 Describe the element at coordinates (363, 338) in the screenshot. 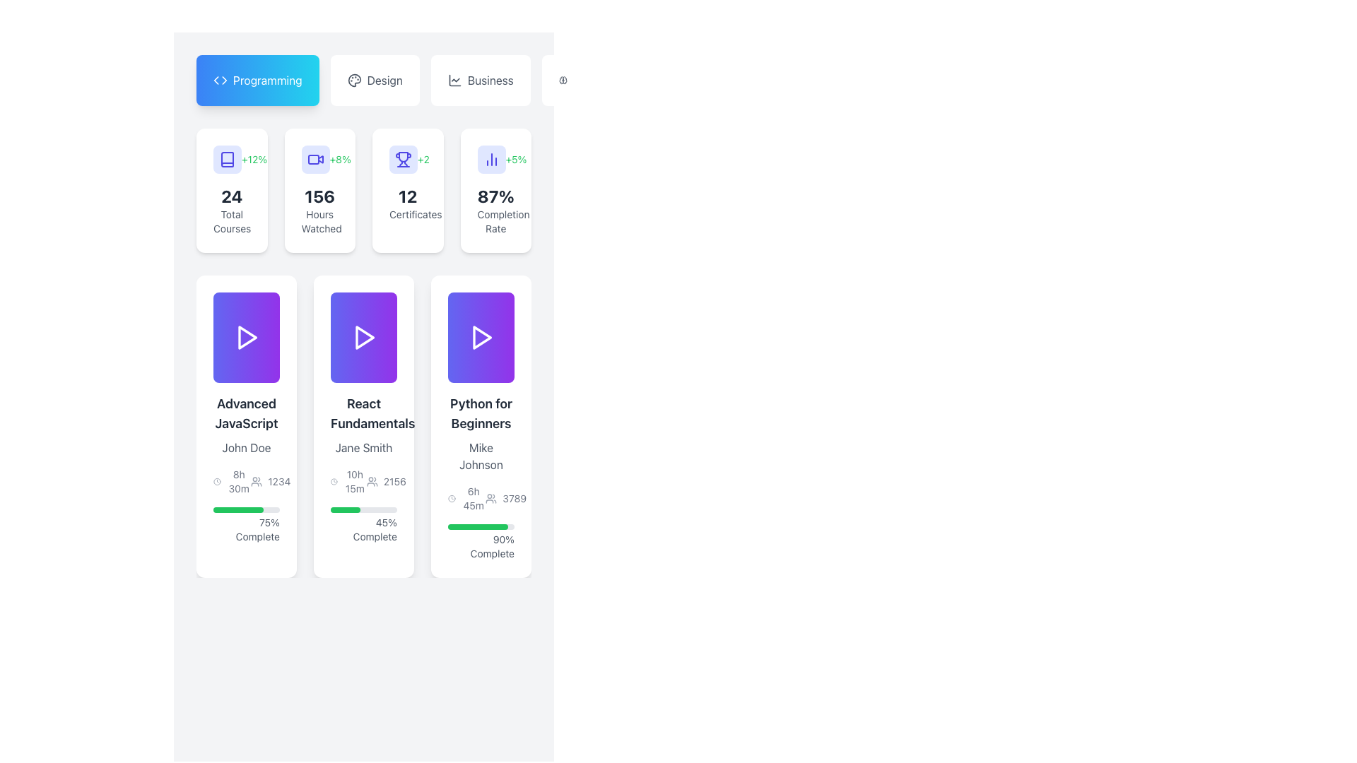

I see `the graphical play indicator icon button in the 'React Fundamentals' card` at that location.